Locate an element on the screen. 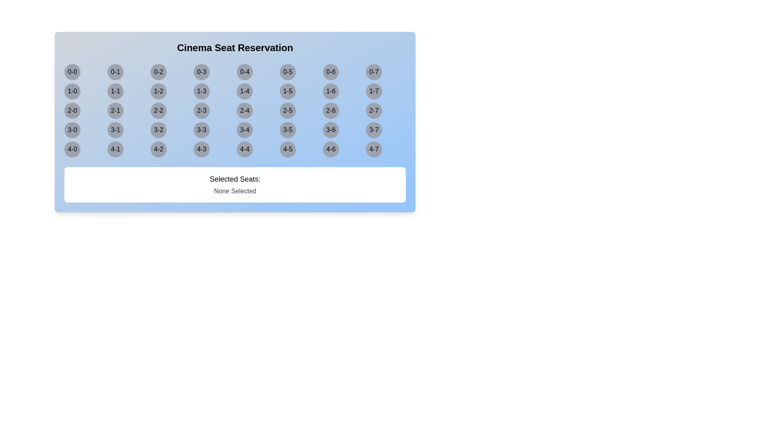  the button labeled '0-4' is located at coordinates (244, 71).